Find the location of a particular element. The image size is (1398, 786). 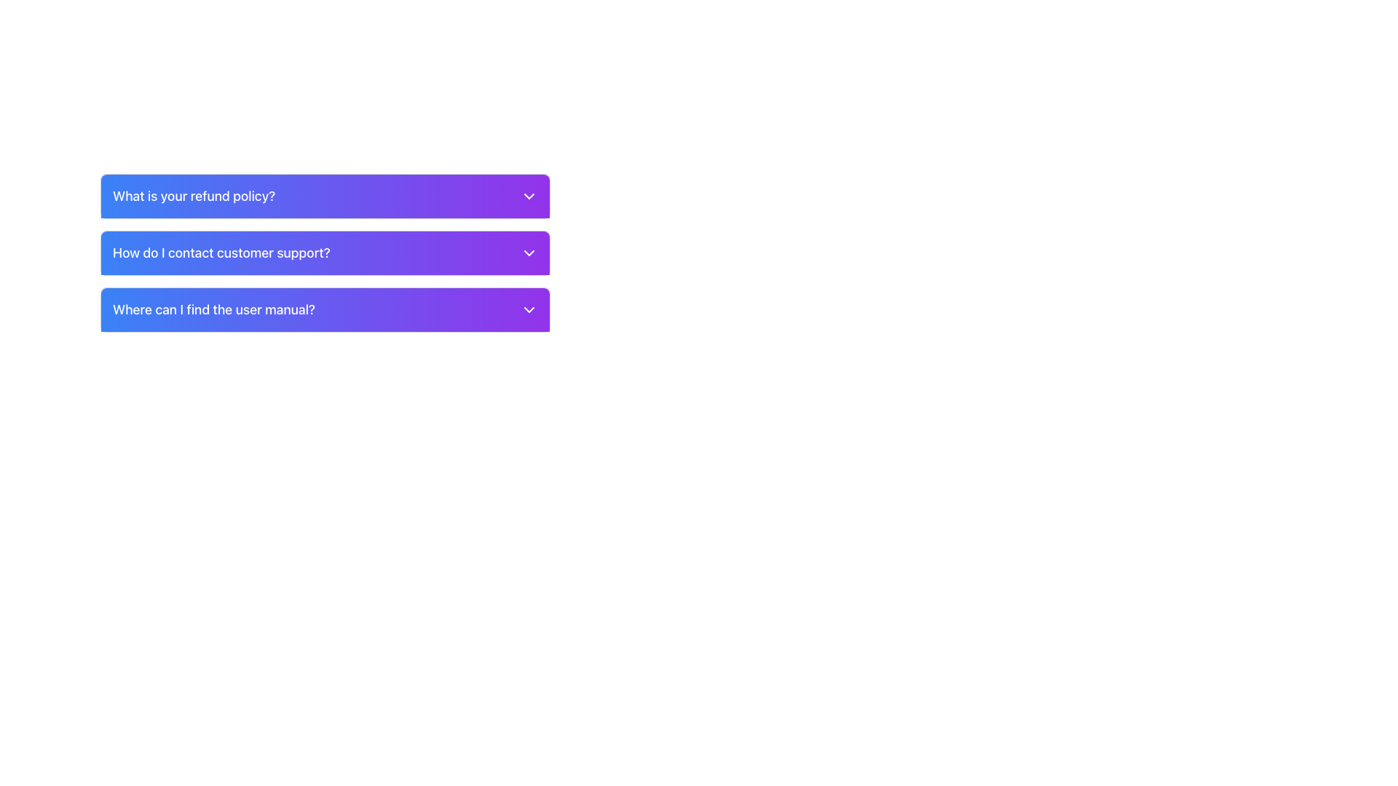

collapsible header that reveals detailed information about the refund policy when clicked is located at coordinates (324, 196).